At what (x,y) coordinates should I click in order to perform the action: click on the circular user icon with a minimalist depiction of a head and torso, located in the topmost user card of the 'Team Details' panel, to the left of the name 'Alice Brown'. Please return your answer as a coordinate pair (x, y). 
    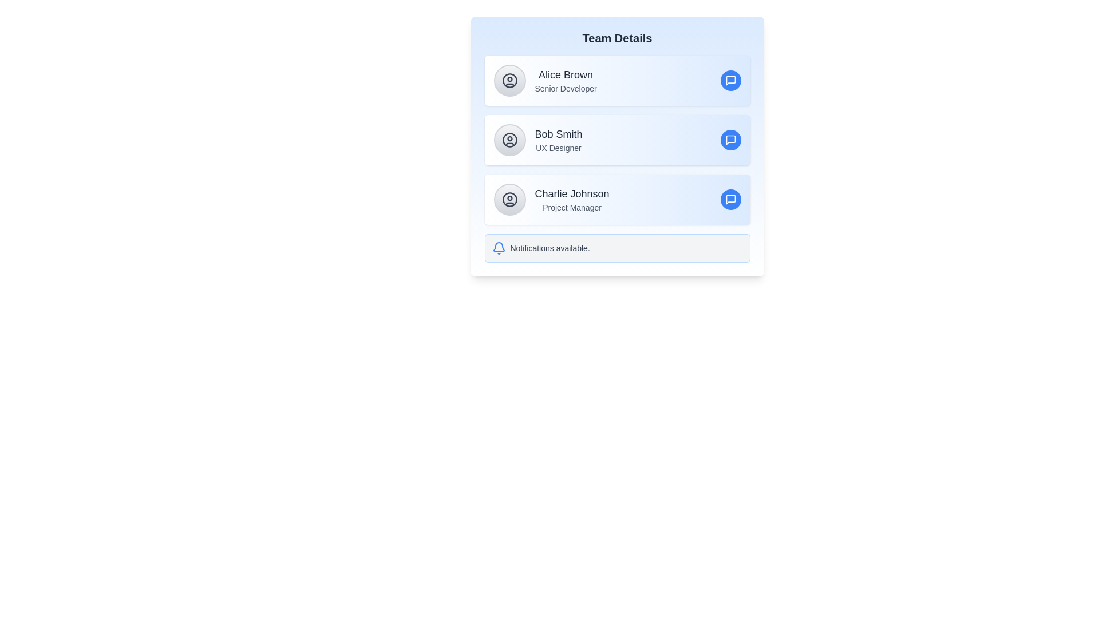
    Looking at the image, I should click on (509, 80).